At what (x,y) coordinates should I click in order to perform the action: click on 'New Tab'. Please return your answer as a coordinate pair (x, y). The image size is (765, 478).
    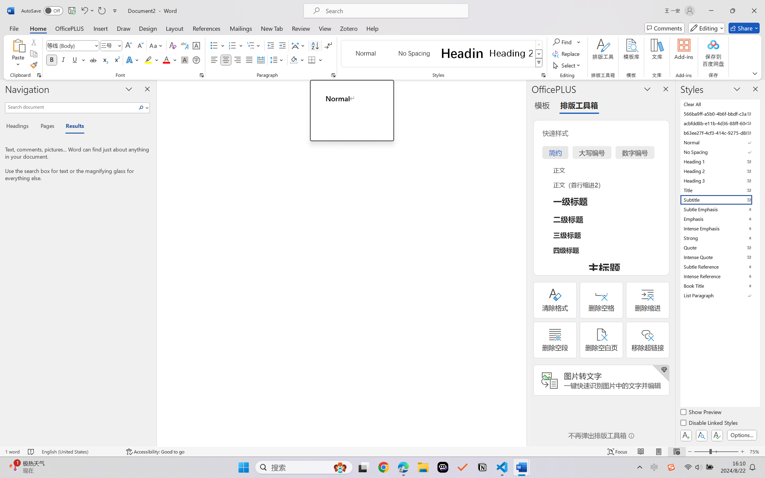
    Looking at the image, I should click on (272, 28).